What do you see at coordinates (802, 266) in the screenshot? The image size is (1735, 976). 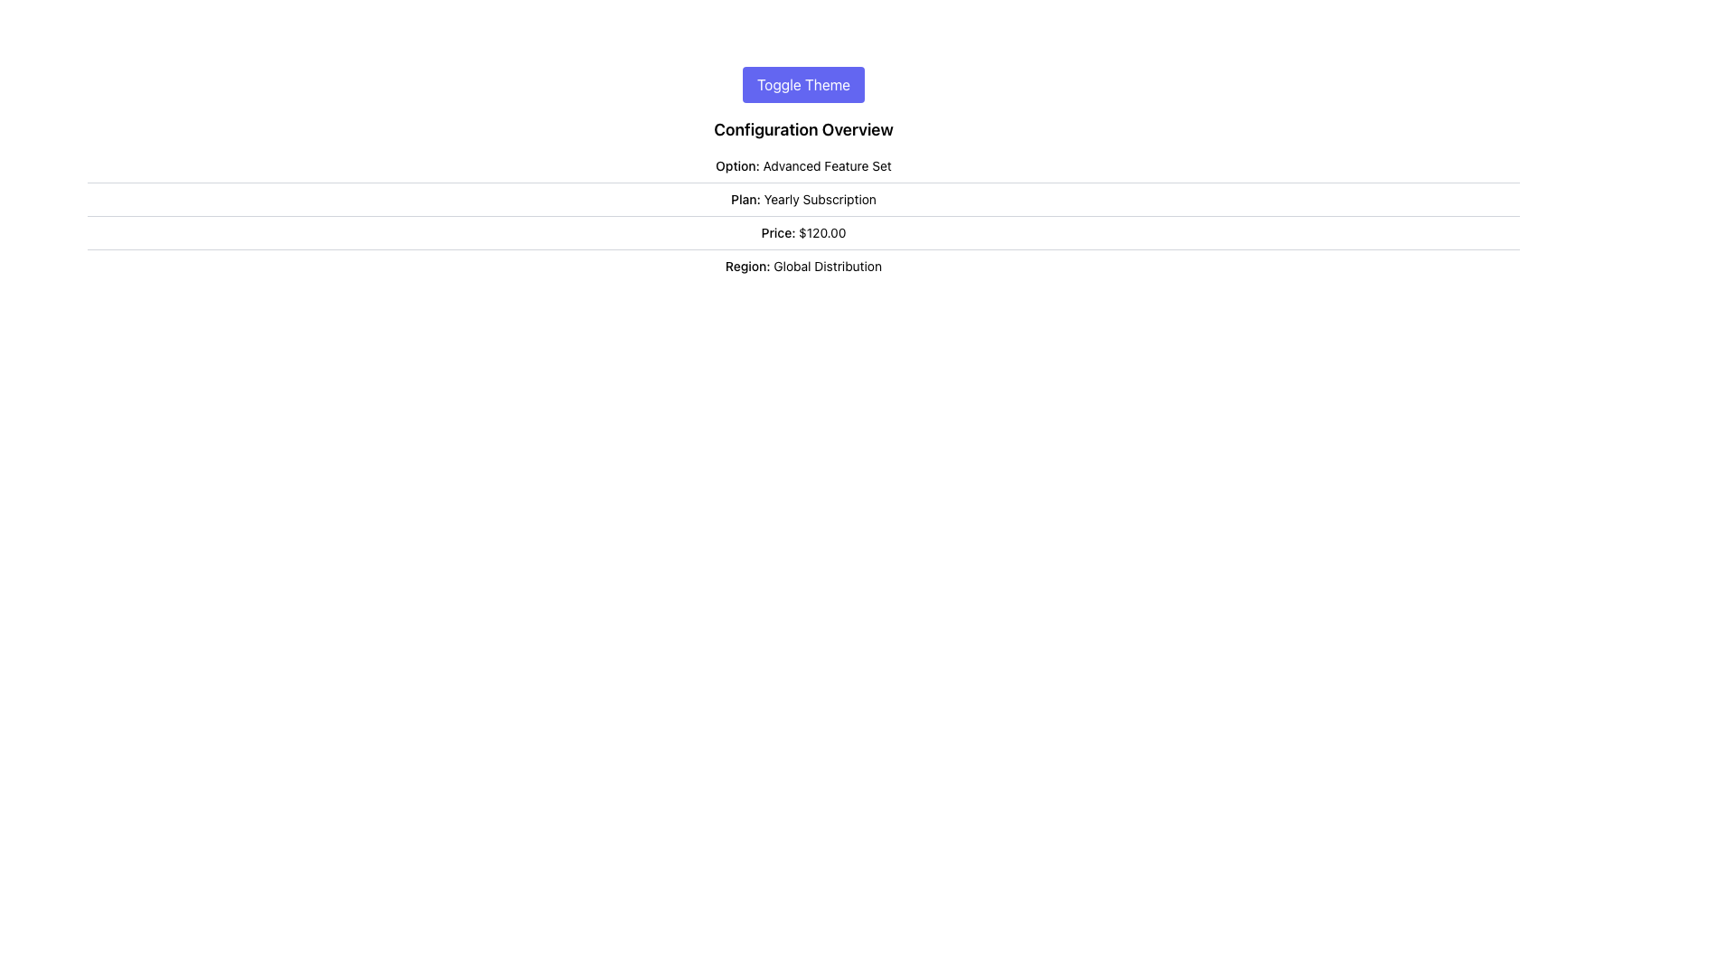 I see `the informational Text Label that displays the selected 'Region' for configuration, which is located below 'Price: $120.00'` at bounding box center [802, 266].